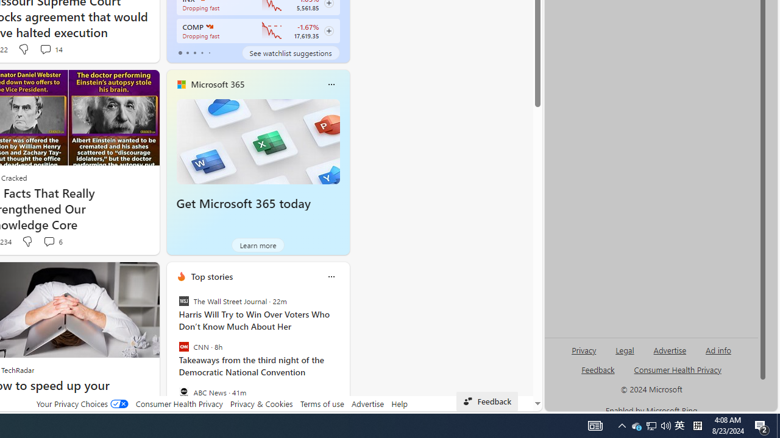  What do you see at coordinates (186, 52) in the screenshot?
I see `'tab-1'` at bounding box center [186, 52].